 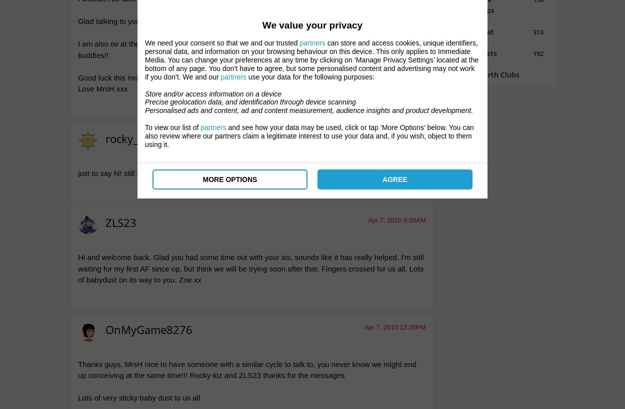 I want to click on 'I am also ov at the moment (not using any kits etc but going by dates I should be) so we are ovulation buddies!!', so click(x=245, y=49).